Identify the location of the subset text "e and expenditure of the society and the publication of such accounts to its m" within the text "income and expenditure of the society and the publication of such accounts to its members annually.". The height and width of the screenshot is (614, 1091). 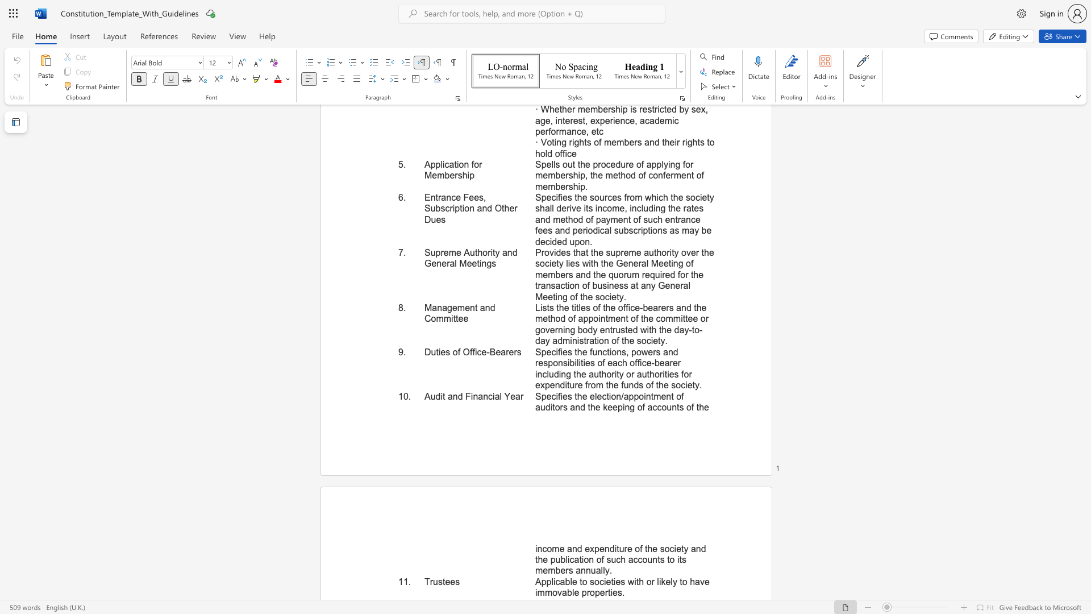
(559, 547).